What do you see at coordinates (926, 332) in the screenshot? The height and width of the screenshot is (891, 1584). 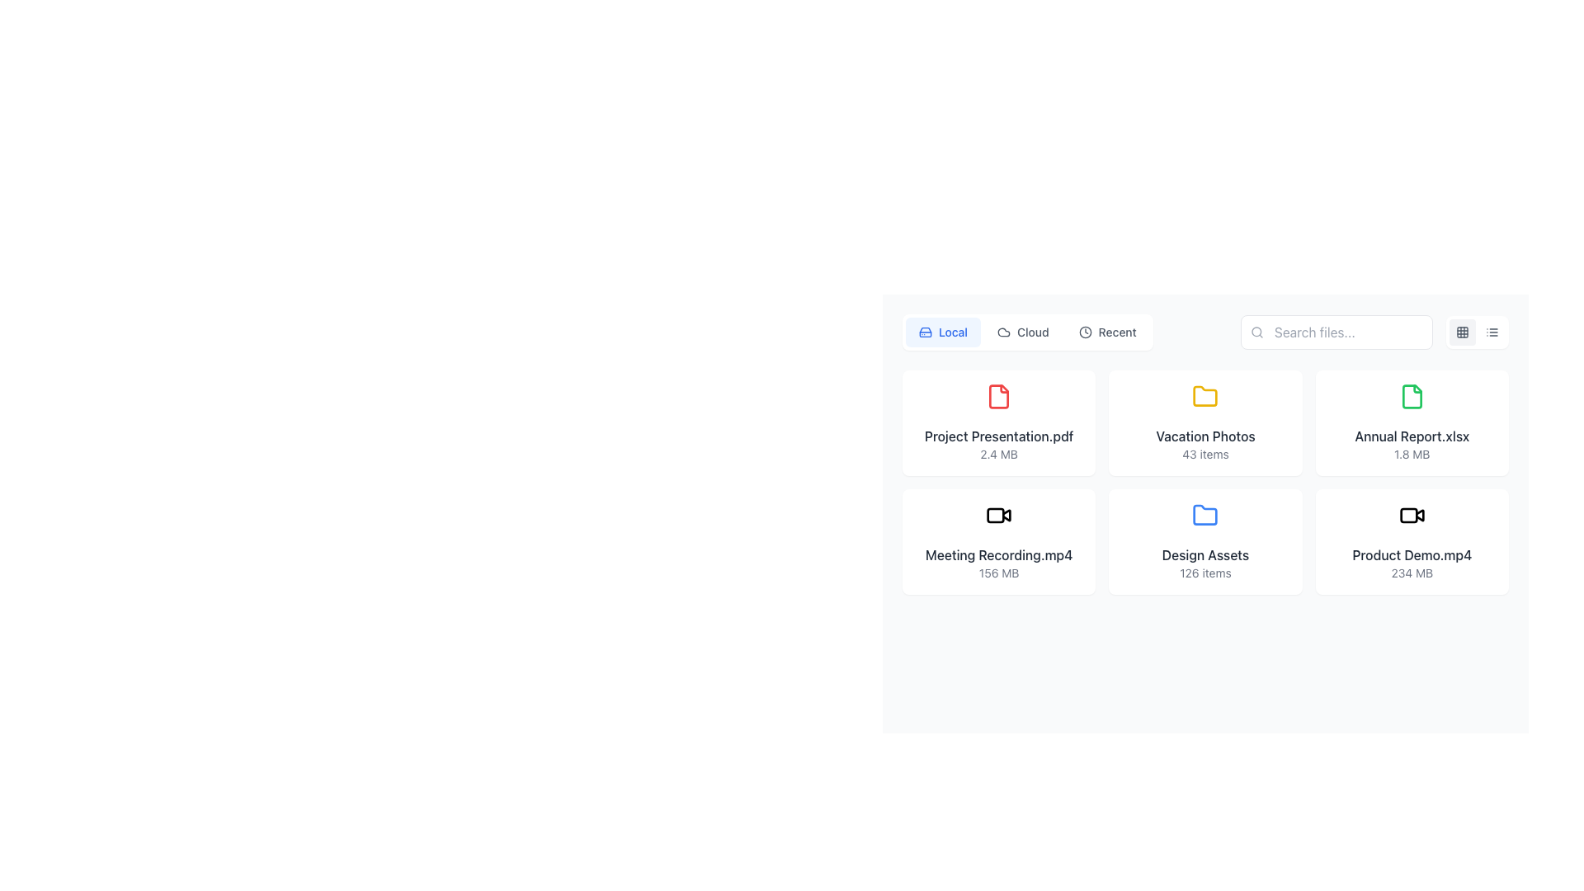 I see `the hard drive icon outlined with a stroke, located in the upper section of the interface near the 'Local,' 'Cloud,' and 'Recent' tabs` at bounding box center [926, 332].